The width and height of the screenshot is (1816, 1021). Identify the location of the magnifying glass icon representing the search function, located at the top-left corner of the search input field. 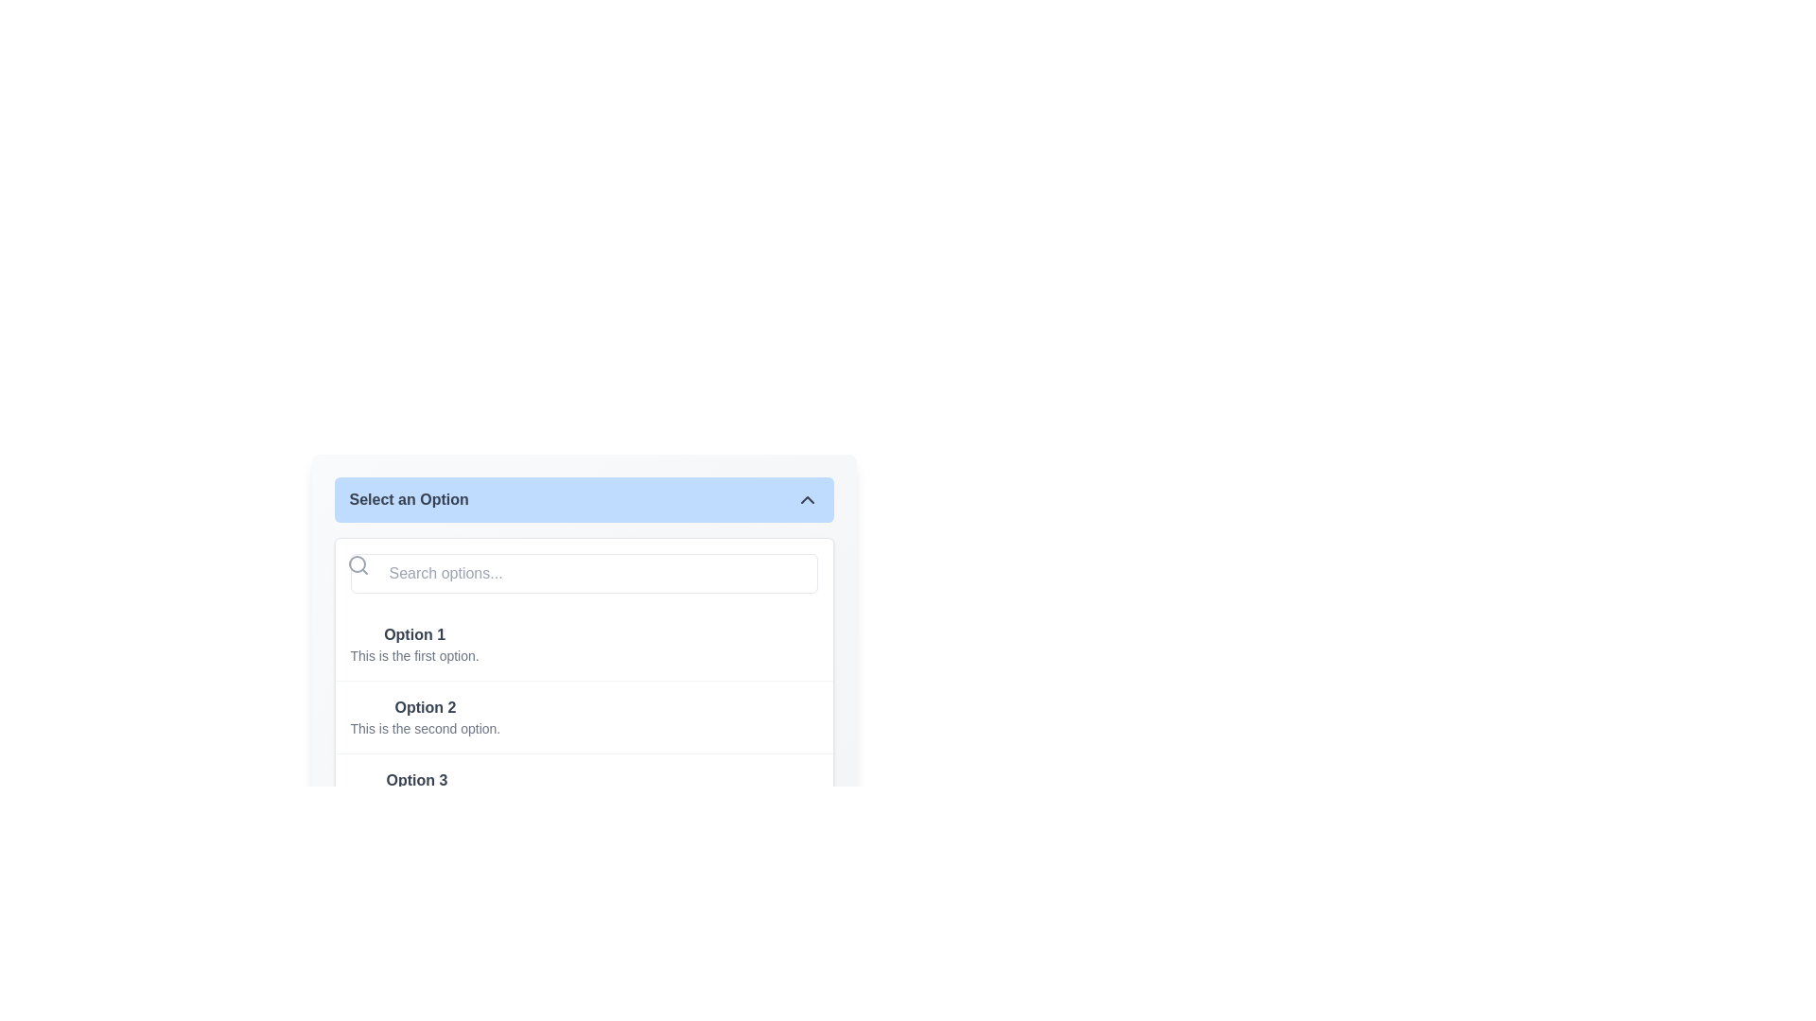
(358, 563).